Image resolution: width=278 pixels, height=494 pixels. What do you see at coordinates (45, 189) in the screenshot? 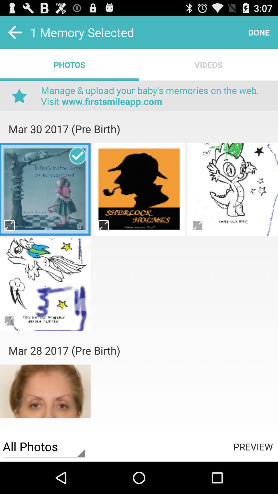
I see `vedio select putton` at bounding box center [45, 189].